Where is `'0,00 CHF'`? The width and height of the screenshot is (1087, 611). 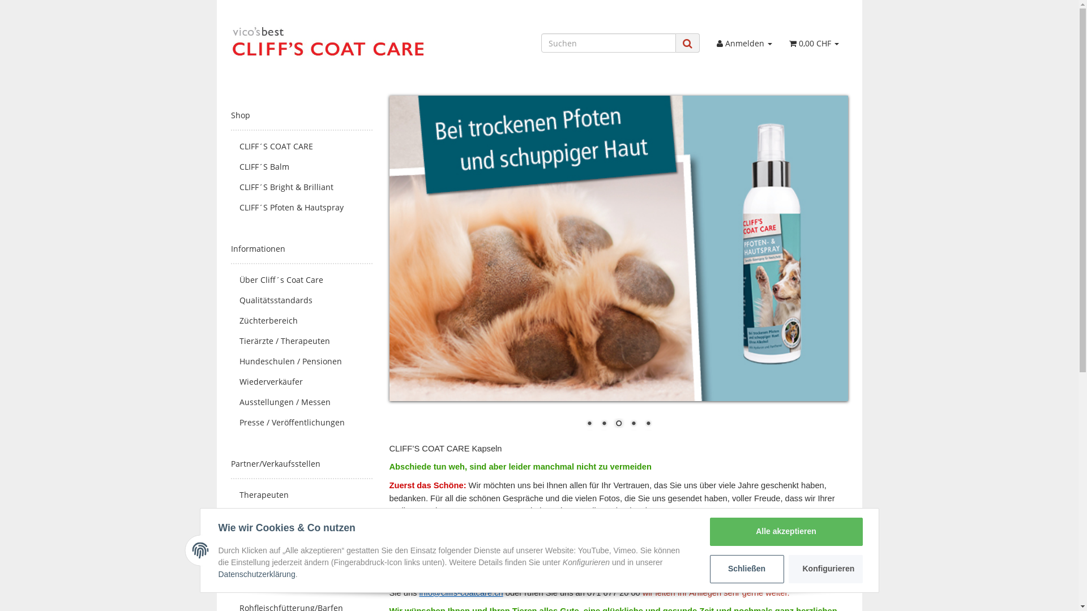 '0,00 CHF' is located at coordinates (814, 43).